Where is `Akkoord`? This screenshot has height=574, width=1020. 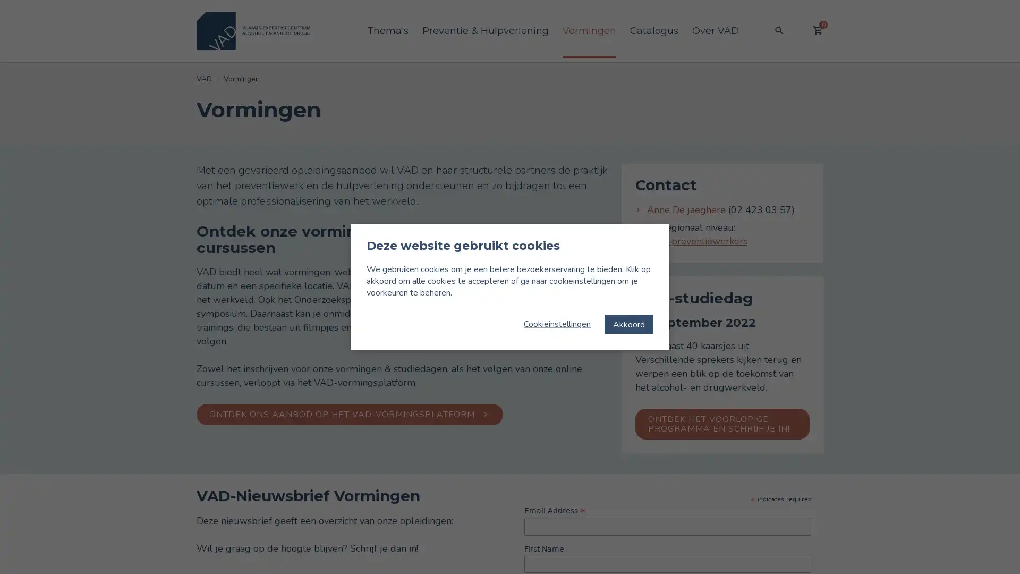
Akkoord is located at coordinates (629, 323).